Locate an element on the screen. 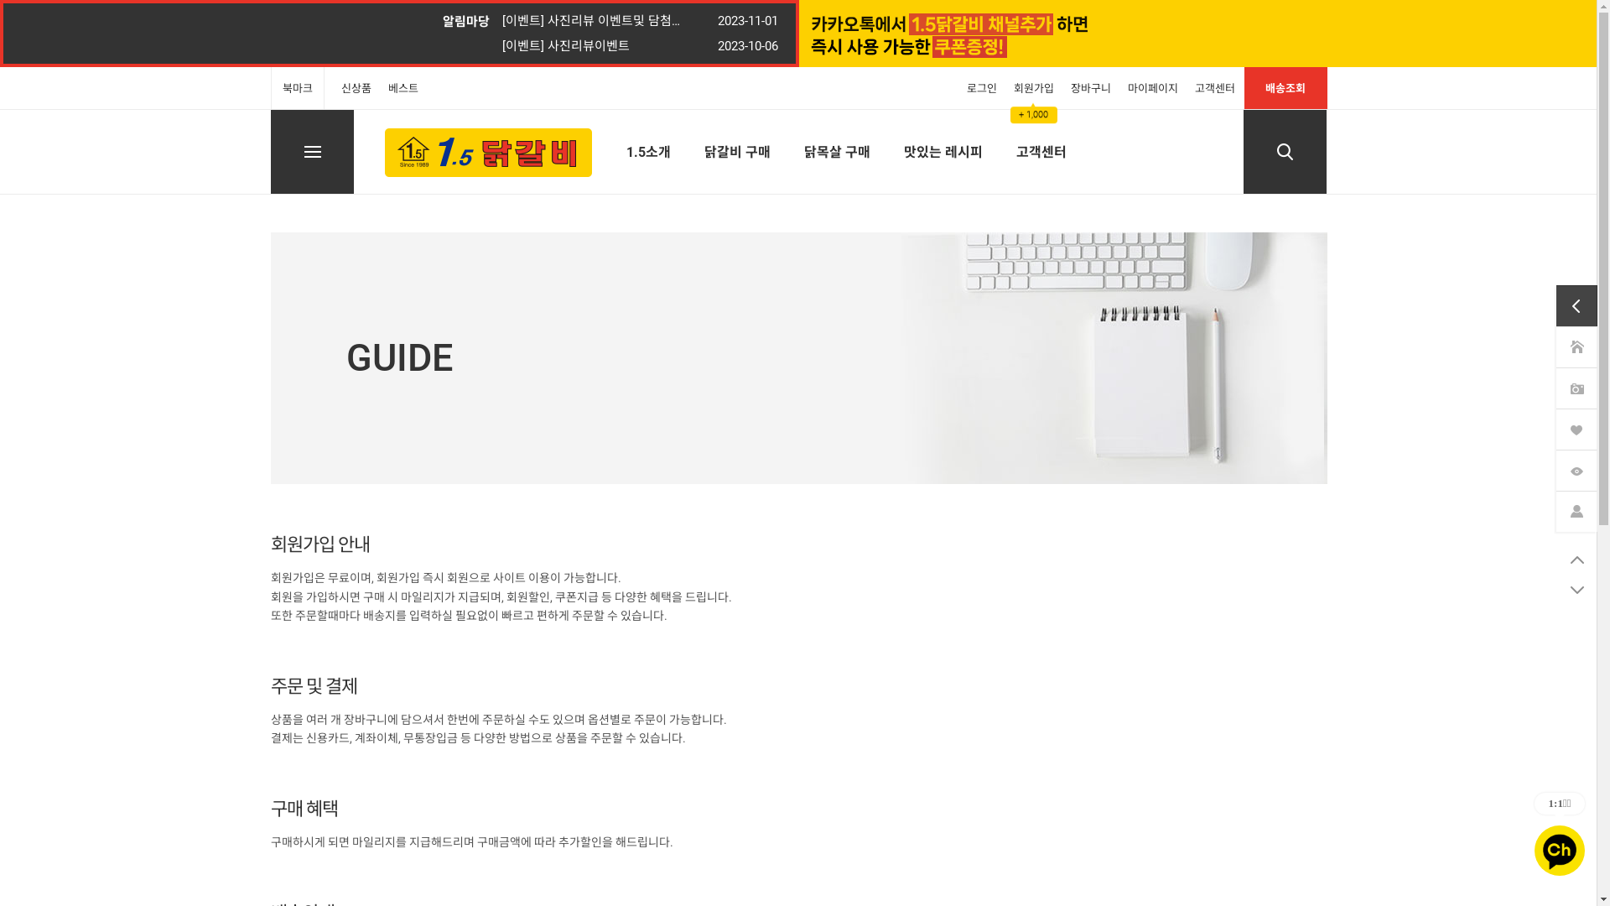 This screenshot has height=906, width=1610. 'to Top' is located at coordinates (1576, 560).